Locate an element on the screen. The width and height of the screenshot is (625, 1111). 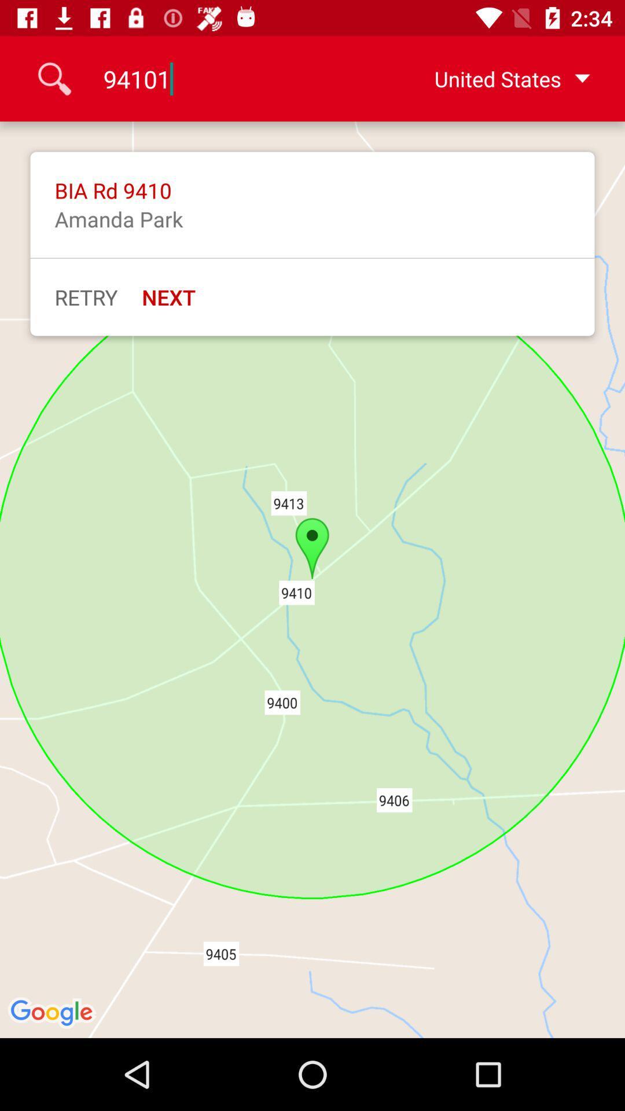
next item is located at coordinates (168, 297).